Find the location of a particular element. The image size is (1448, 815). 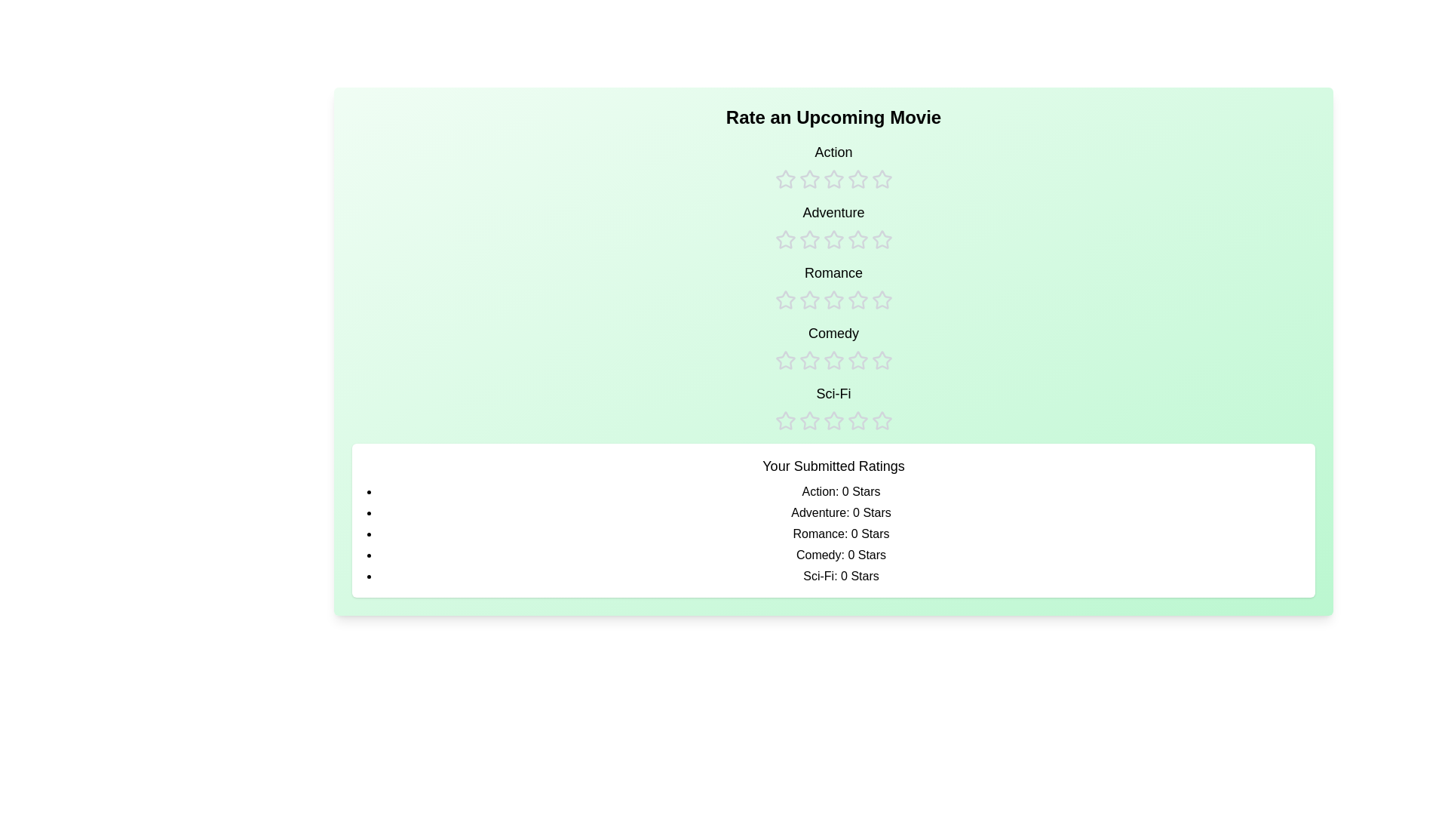

the rating for the Action category to 4 stars is located at coordinates (857, 165).